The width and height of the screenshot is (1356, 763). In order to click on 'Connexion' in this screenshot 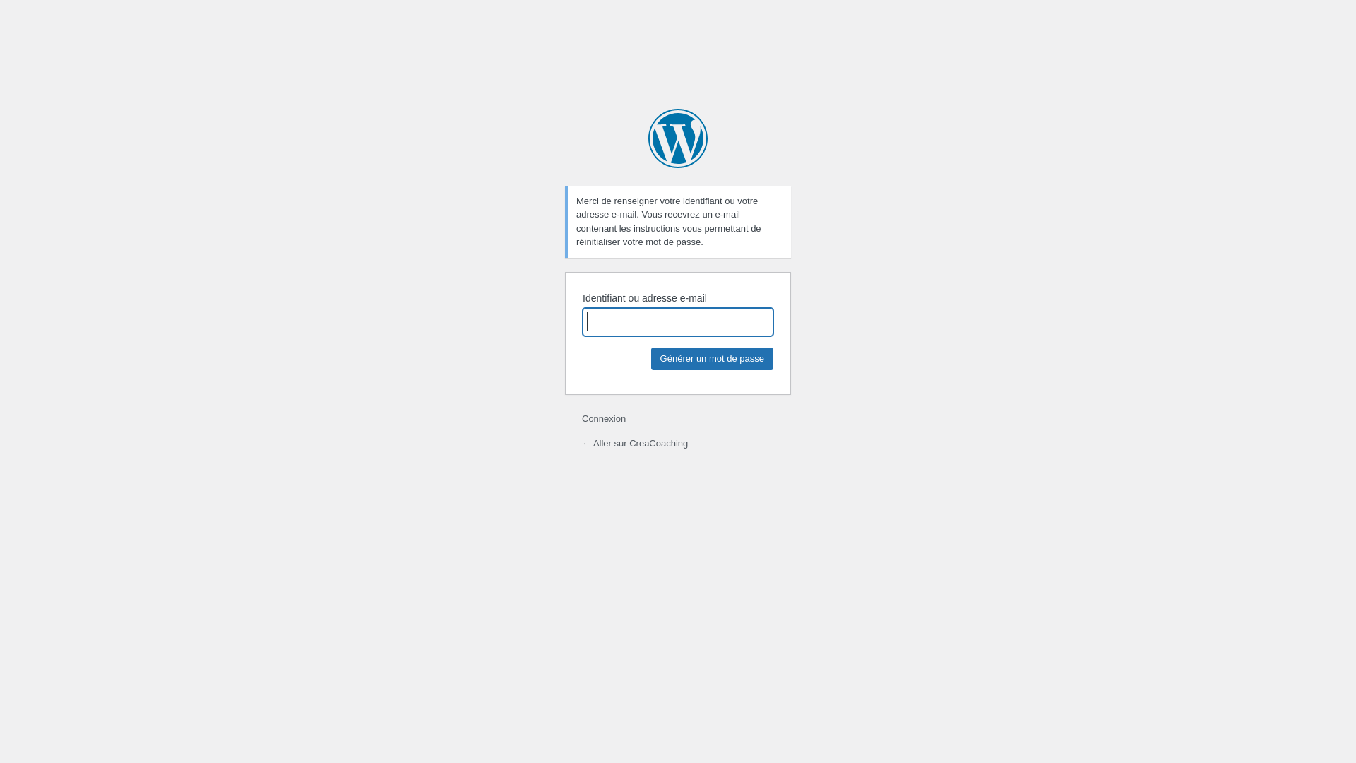, I will do `click(603, 418)`.